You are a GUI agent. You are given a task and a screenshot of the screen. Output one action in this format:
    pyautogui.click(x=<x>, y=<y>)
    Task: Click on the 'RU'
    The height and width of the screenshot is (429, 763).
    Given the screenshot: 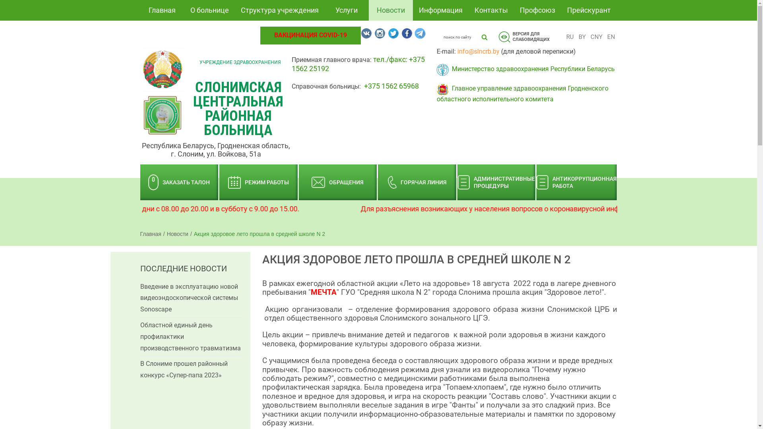 What is the action you would take?
    pyautogui.click(x=564, y=37)
    